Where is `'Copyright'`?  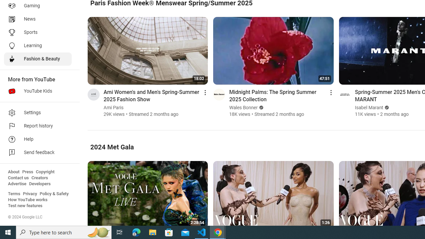 'Copyright' is located at coordinates (45, 172).